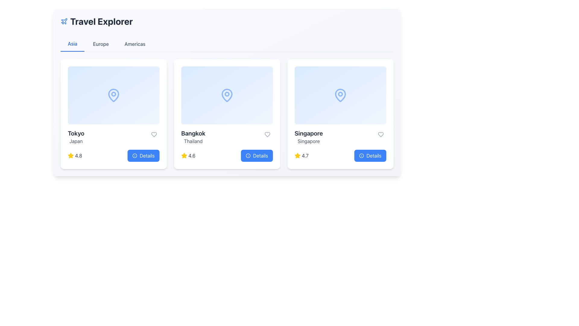  Describe the element at coordinates (114, 94) in the screenshot. I see `the circular marker styled like a pin point located at the center of the pin icon on the Tokyo, Japan card` at that location.